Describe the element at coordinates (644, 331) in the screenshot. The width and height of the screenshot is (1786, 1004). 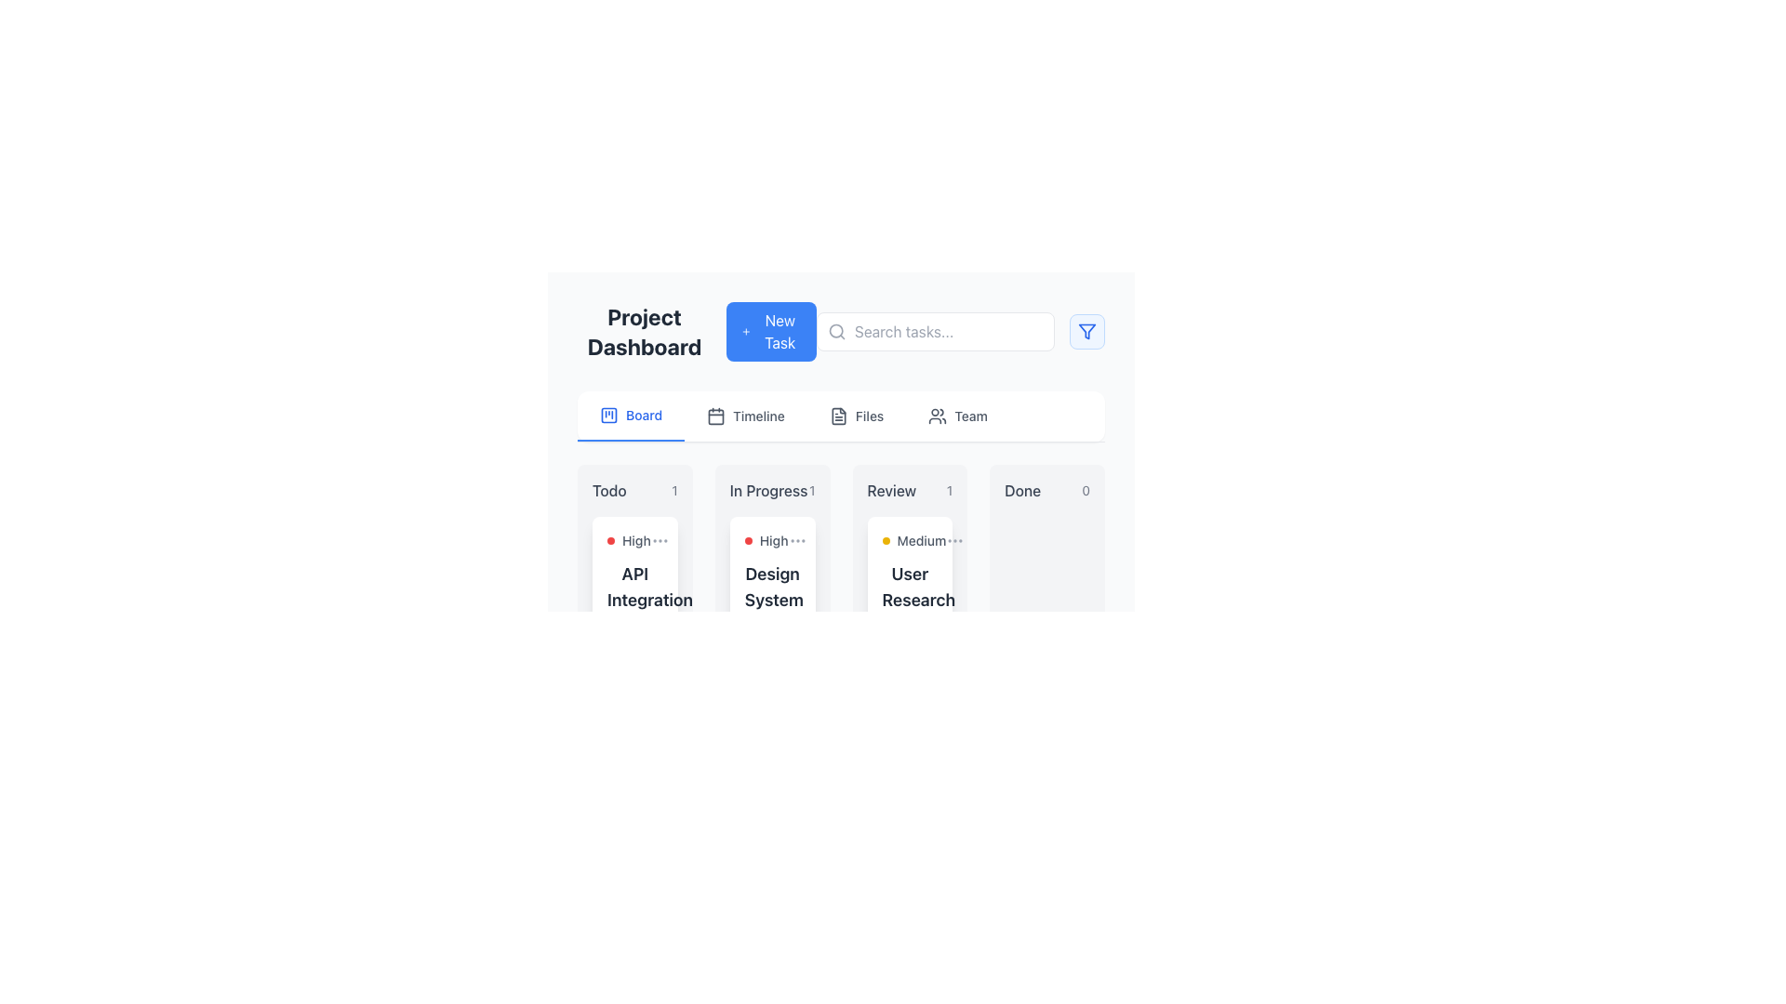
I see `the 'Project Dashboard' text label, which is a bold and large grayish-black header positioned at the top-left of the interface, preceding the 'New Task' button` at that location.